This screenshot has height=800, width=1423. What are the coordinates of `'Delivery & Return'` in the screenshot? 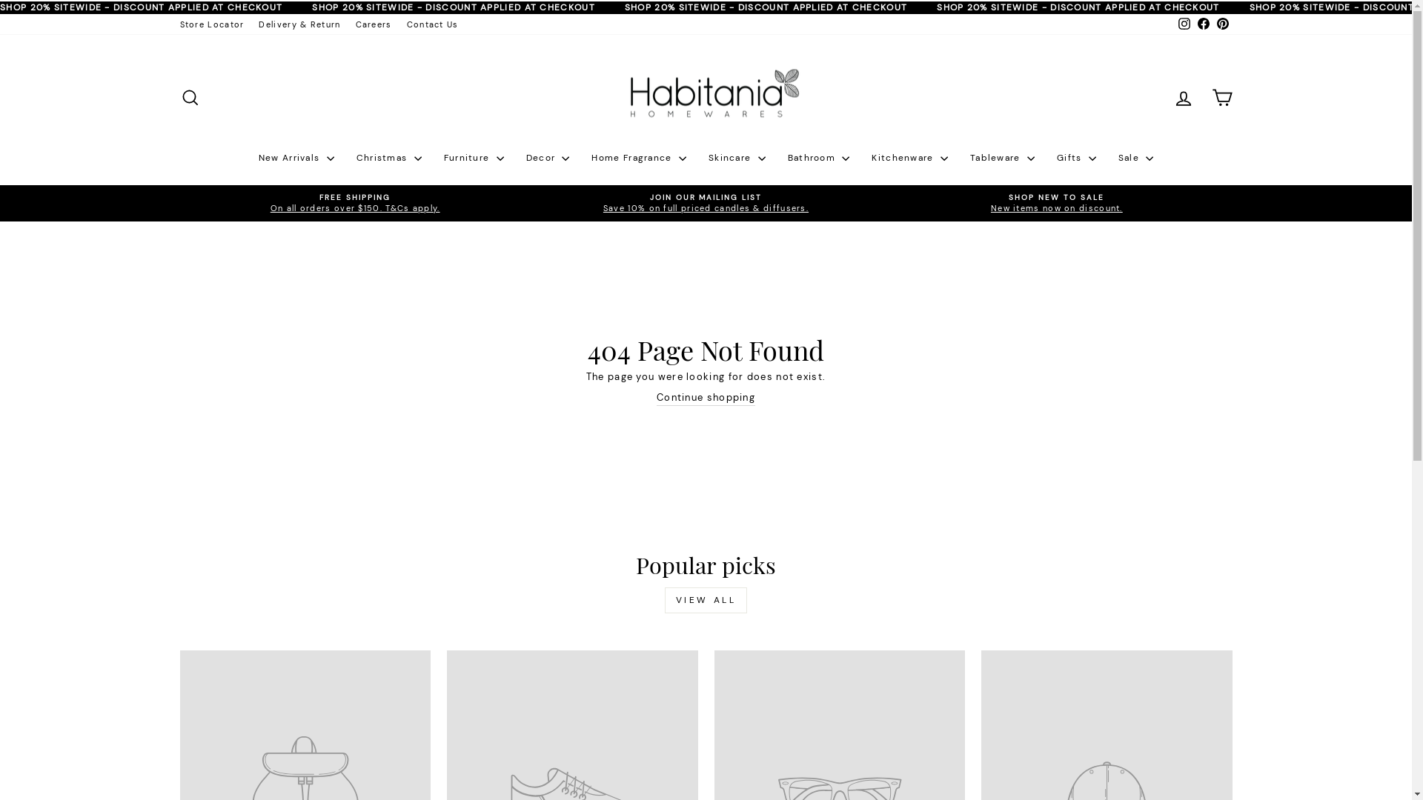 It's located at (298, 24).